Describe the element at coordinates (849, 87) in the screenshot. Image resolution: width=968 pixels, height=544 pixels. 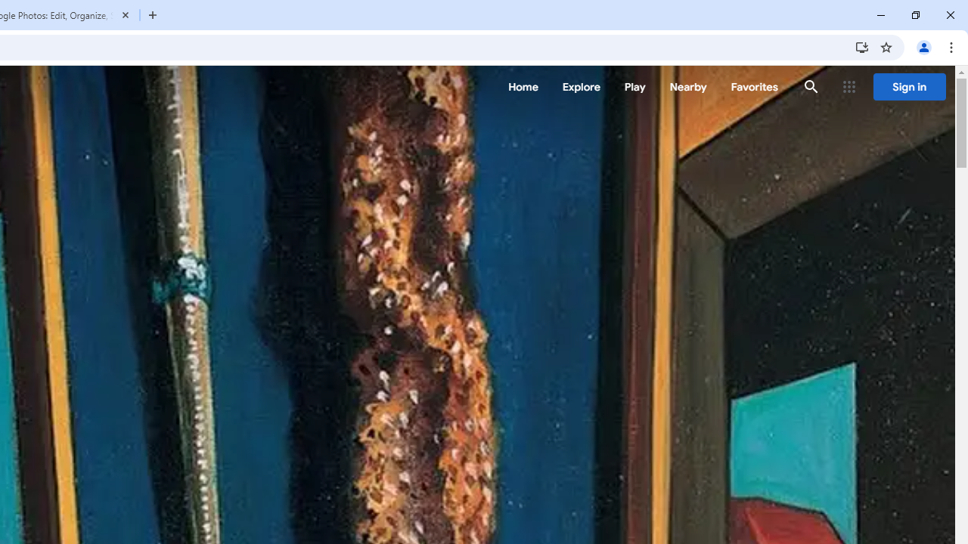
I see `'Google apps'` at that location.